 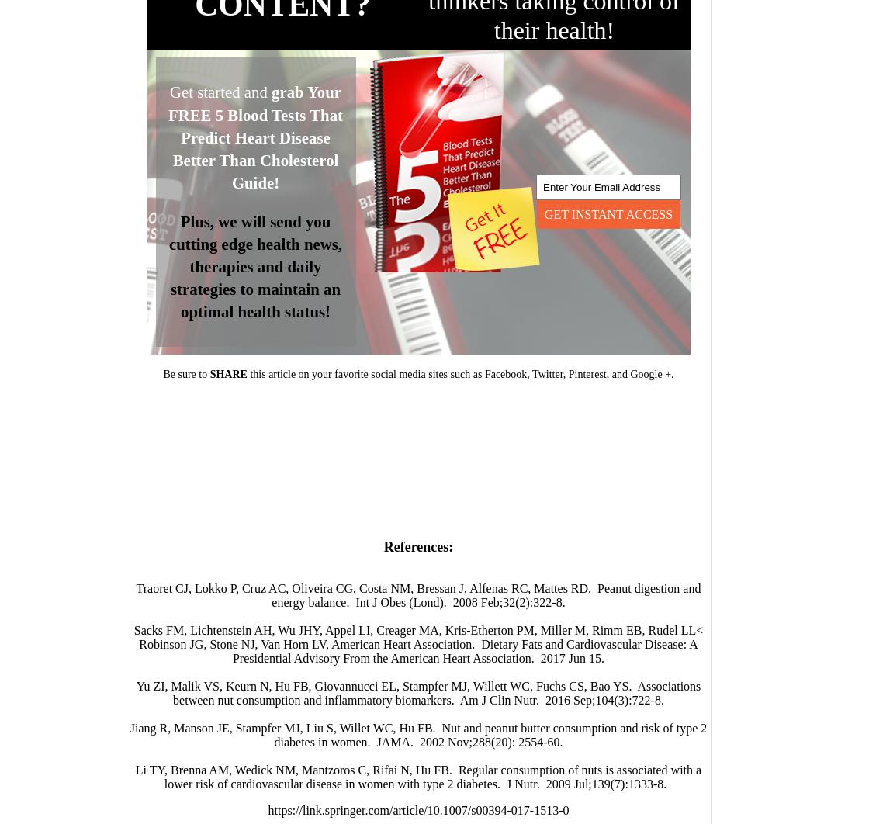 I want to click on 'References:', so click(x=418, y=546).